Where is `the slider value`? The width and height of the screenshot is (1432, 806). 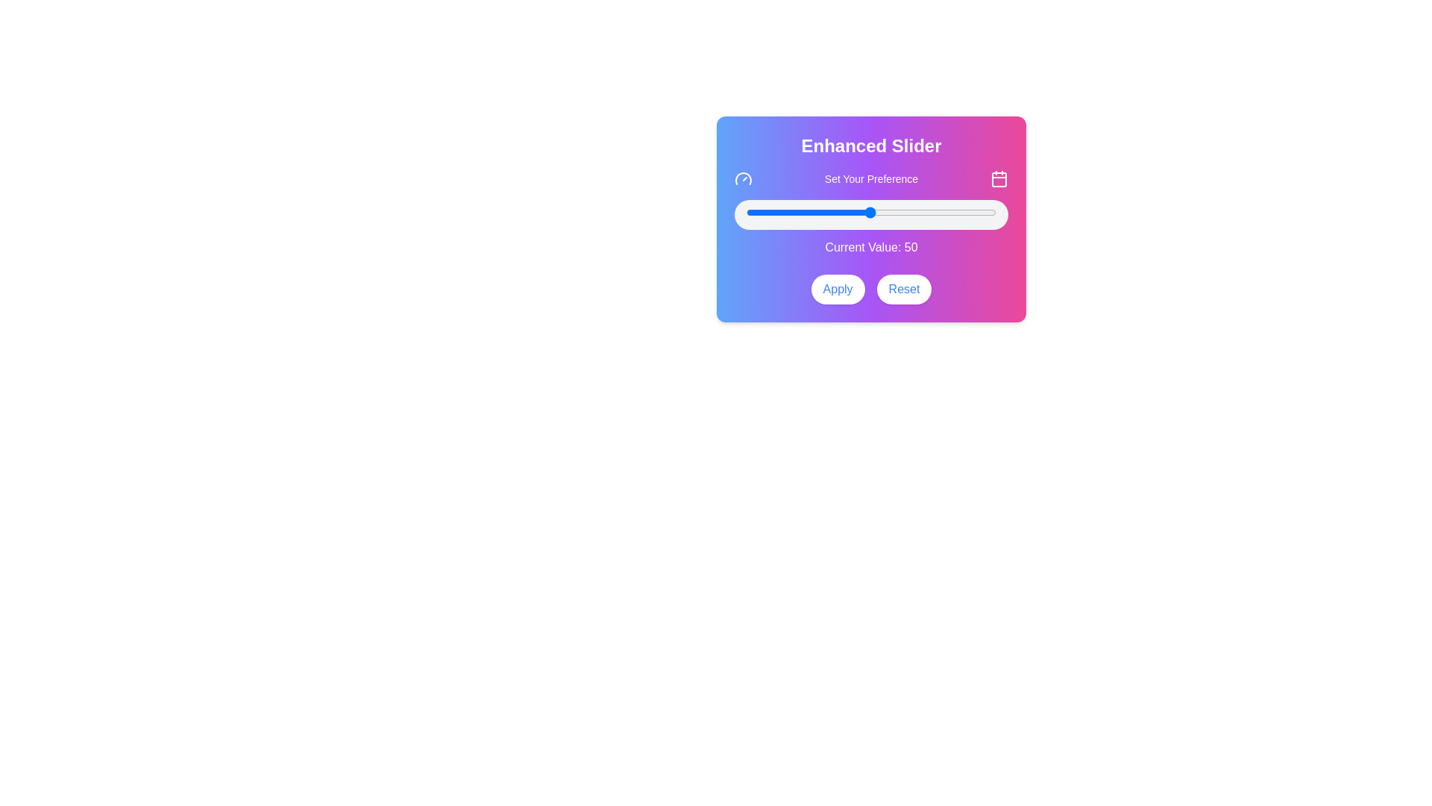
the slider value is located at coordinates (791, 213).